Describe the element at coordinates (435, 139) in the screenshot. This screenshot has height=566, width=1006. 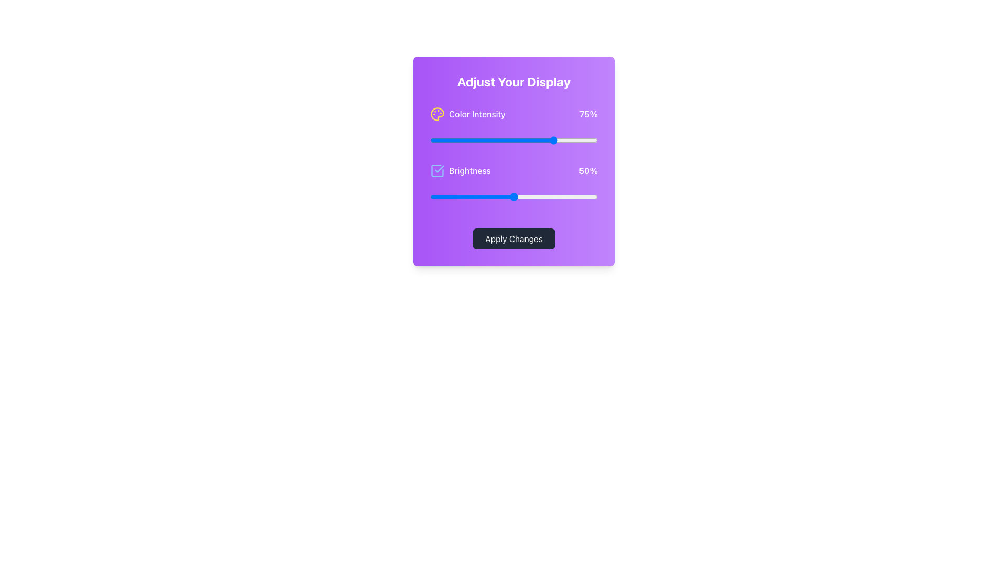
I see `the slider` at that location.